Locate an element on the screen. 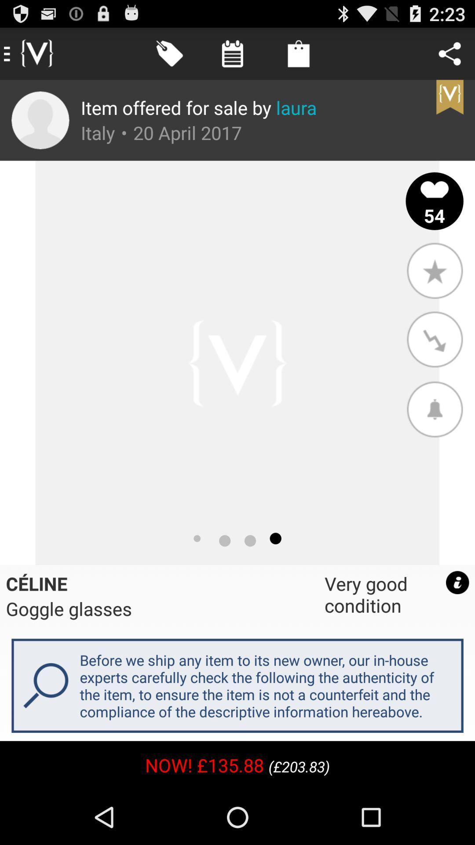 The height and width of the screenshot is (845, 475). the app above the very good condition item is located at coordinates (434, 408).